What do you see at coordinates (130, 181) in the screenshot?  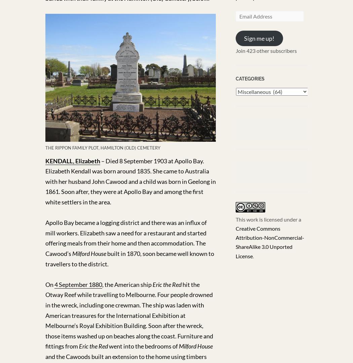 I see `'– Died 8 September 1903 at Apollo Bay. Elizabeth Kendall was born around 1835. She came to Australia with her husband John Cawood and a child was born in Geelong in 1861. Soon after, they were at Apollo Bay and among the first white settlers in the area.'` at bounding box center [130, 181].